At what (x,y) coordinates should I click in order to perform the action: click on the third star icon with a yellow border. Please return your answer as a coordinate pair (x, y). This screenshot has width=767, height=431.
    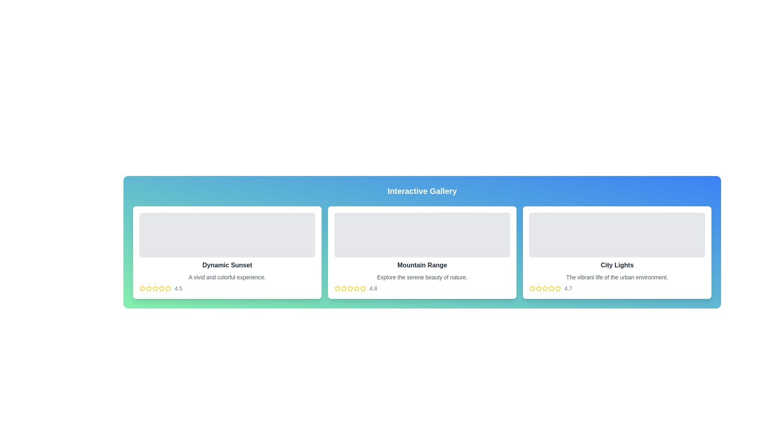
    Looking at the image, I should click on (344, 288).